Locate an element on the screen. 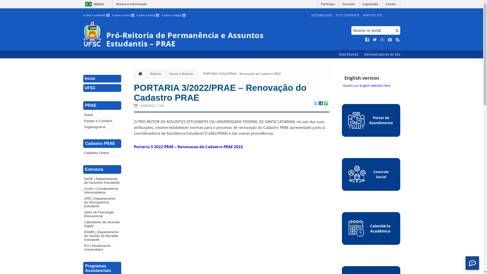 This screenshot has height=274, width=487. 'Cadastro Online' is located at coordinates (102, 152).